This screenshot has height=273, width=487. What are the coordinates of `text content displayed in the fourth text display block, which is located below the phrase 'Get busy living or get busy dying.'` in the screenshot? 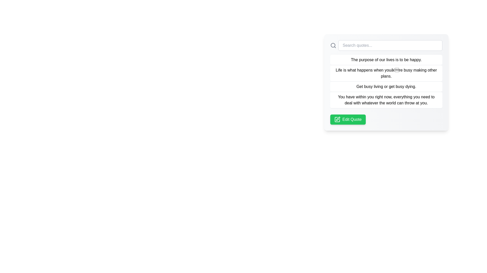 It's located at (386, 100).